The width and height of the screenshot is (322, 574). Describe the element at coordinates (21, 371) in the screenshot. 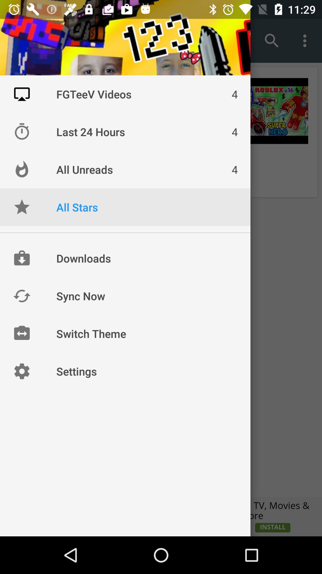

I see `the settings icon` at that location.